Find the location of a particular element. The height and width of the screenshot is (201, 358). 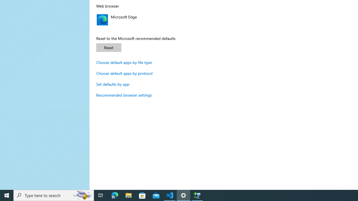

'Settings - 1 running window' is located at coordinates (183, 195).